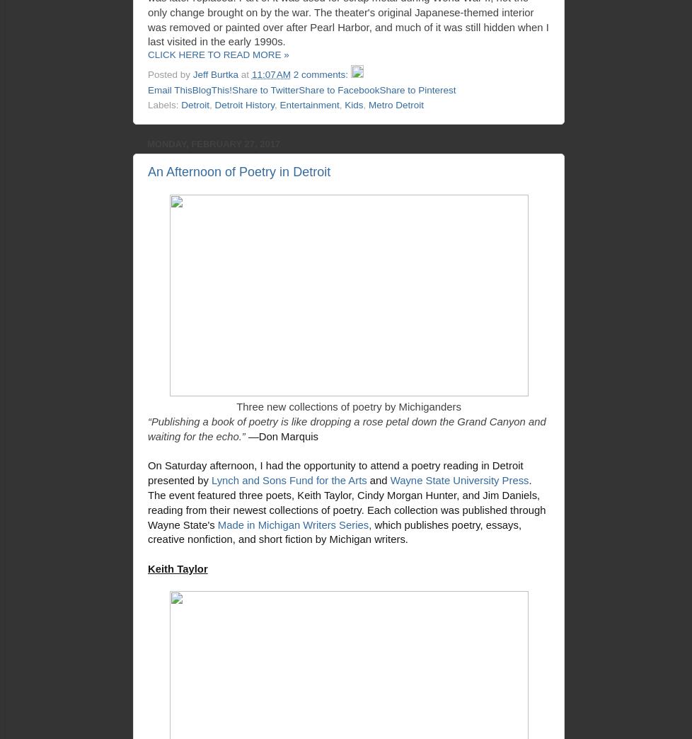 This screenshot has height=739, width=692. Describe the element at coordinates (217, 55) in the screenshot. I see `'CLICK HERE TO READ MORE »'` at that location.